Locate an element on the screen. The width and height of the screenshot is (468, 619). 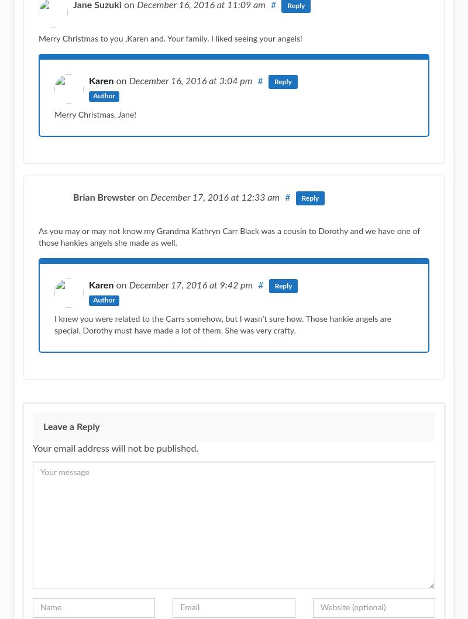
'at 11:09 am' is located at coordinates (240, 5).